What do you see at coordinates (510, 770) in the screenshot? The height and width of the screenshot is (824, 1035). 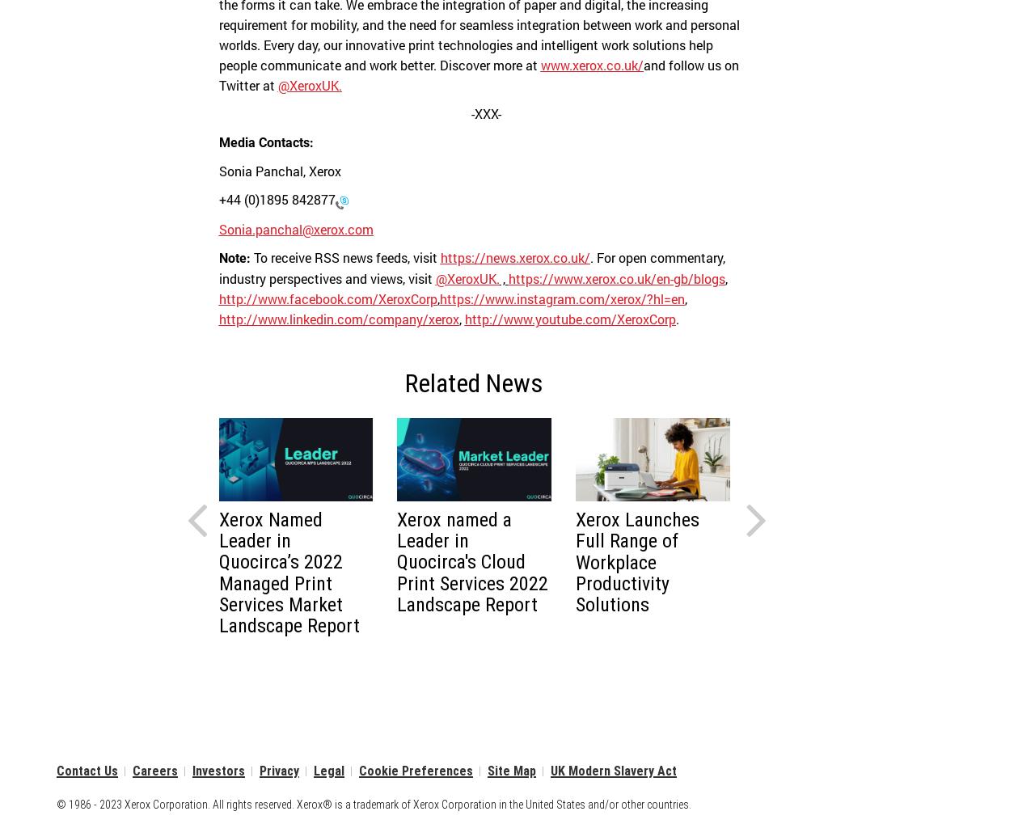 I see `'Site Map'` at bounding box center [510, 770].